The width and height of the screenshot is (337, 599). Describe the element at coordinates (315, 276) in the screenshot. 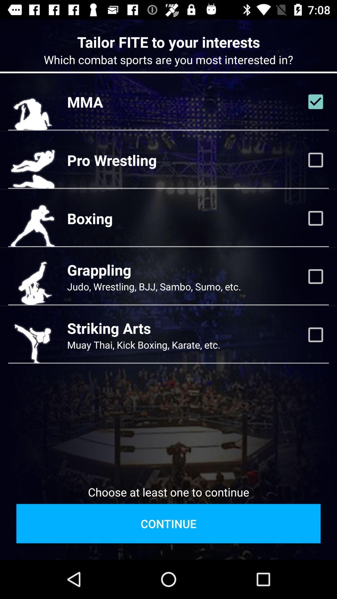

I see `grappling` at that location.